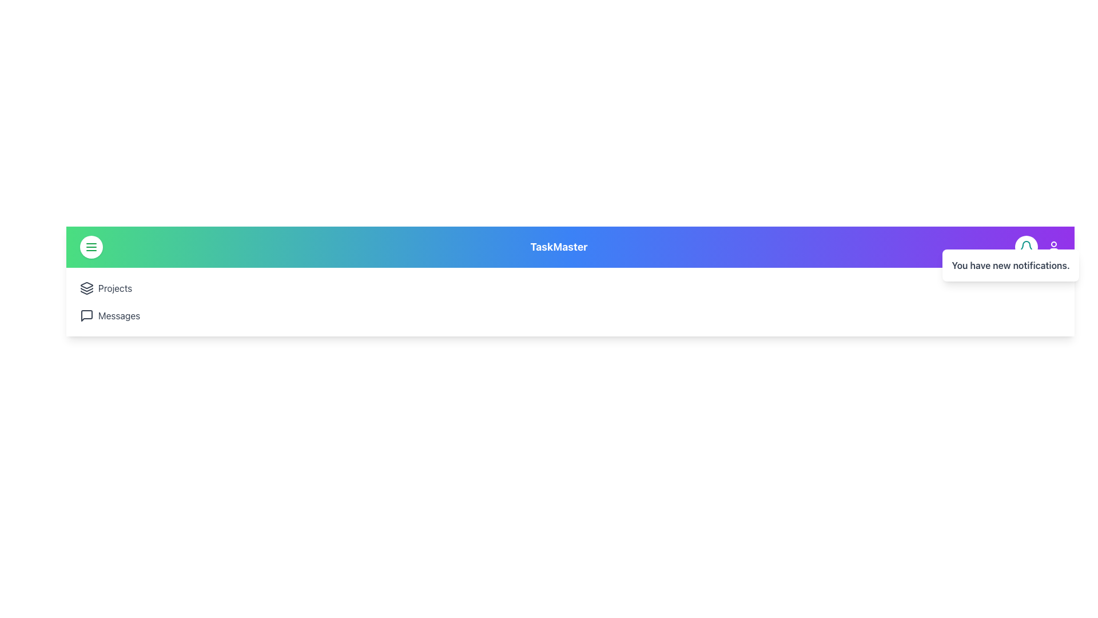  I want to click on the circular button with a white background and a teal bell icon located in the purple bar at the top of the interface, so click(1027, 247).